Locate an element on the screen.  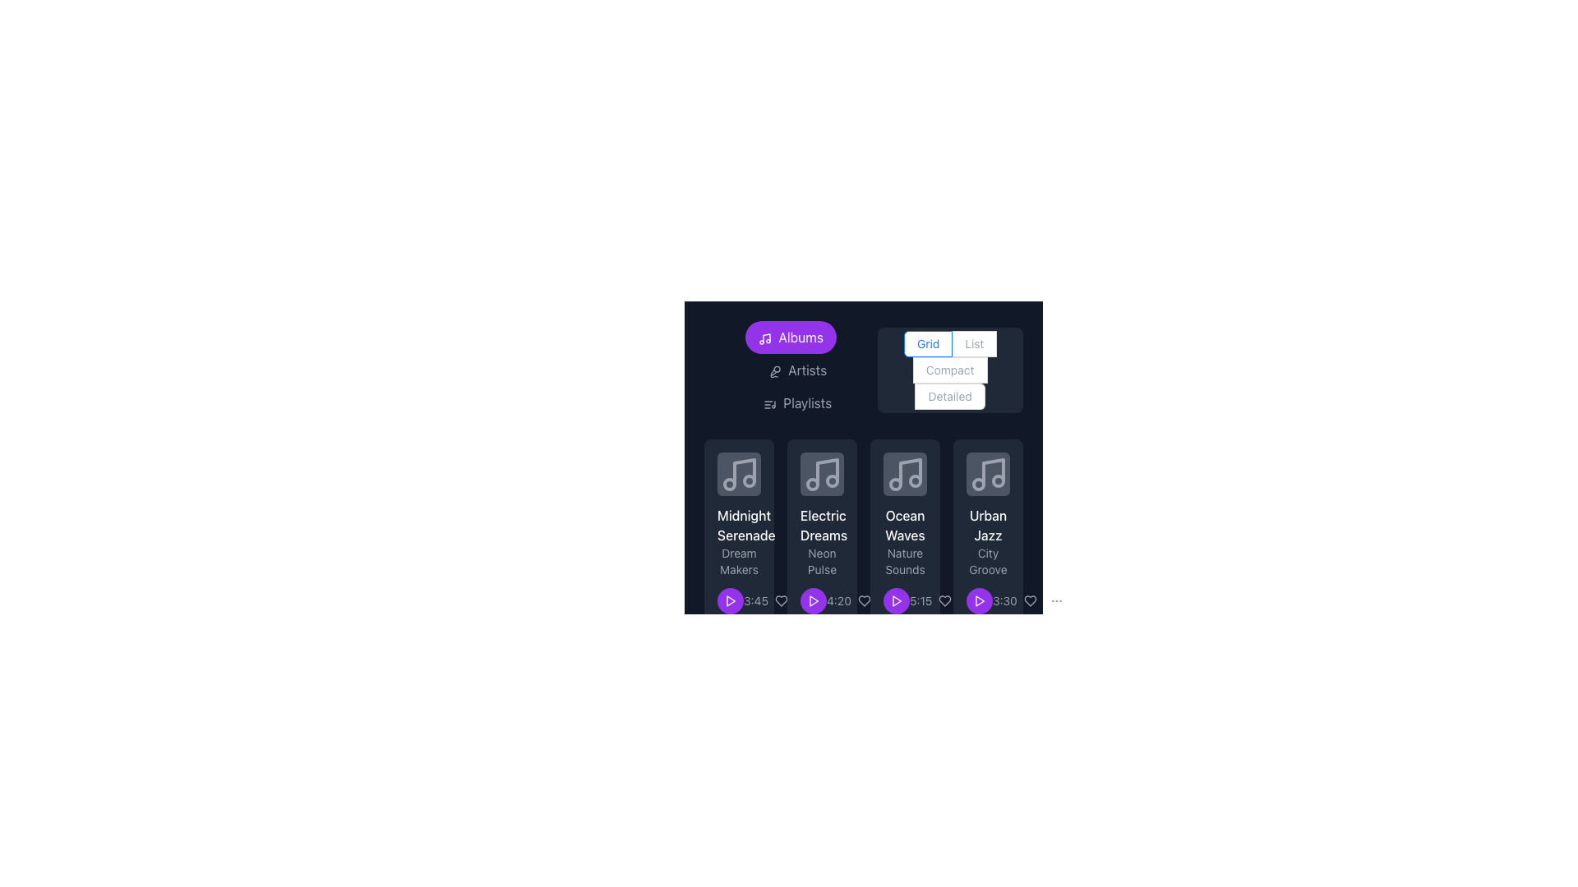
the microphone icon within the 'Artists' button, which is styled as a small outline design and precedes the text 'Artists' is located at coordinates (774, 371).